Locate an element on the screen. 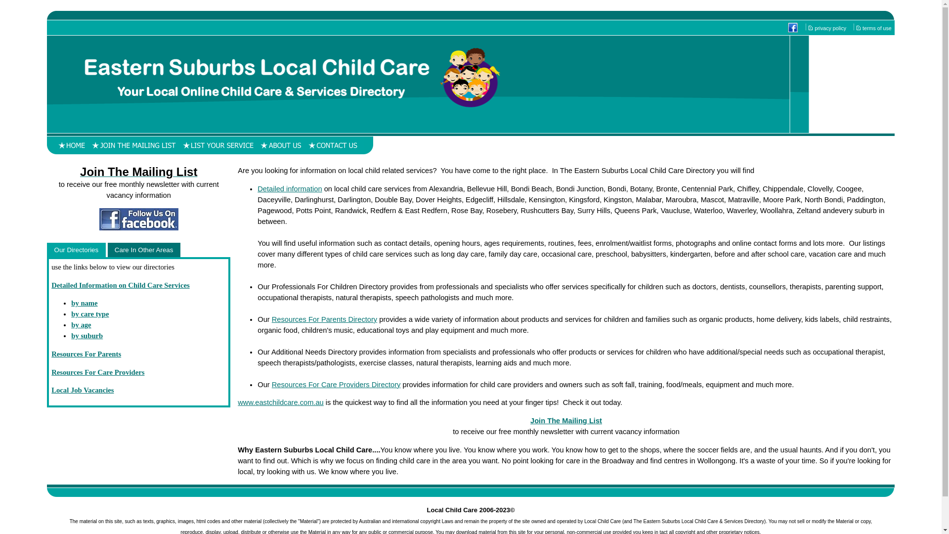 This screenshot has height=534, width=949. 'www.eastchildcare.com.au' is located at coordinates (280, 402).